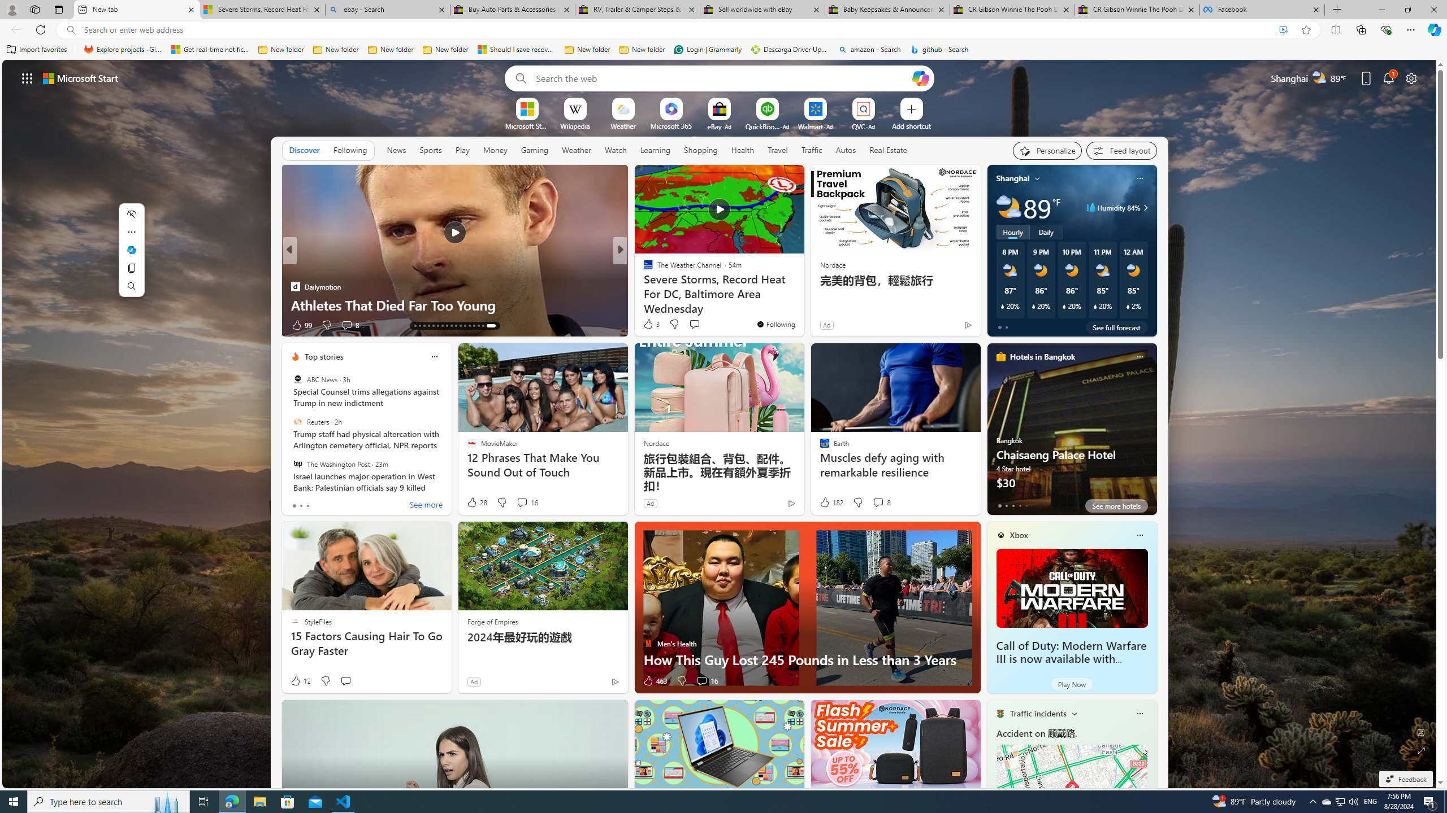  What do you see at coordinates (775, 324) in the screenshot?
I see `'You'` at bounding box center [775, 324].